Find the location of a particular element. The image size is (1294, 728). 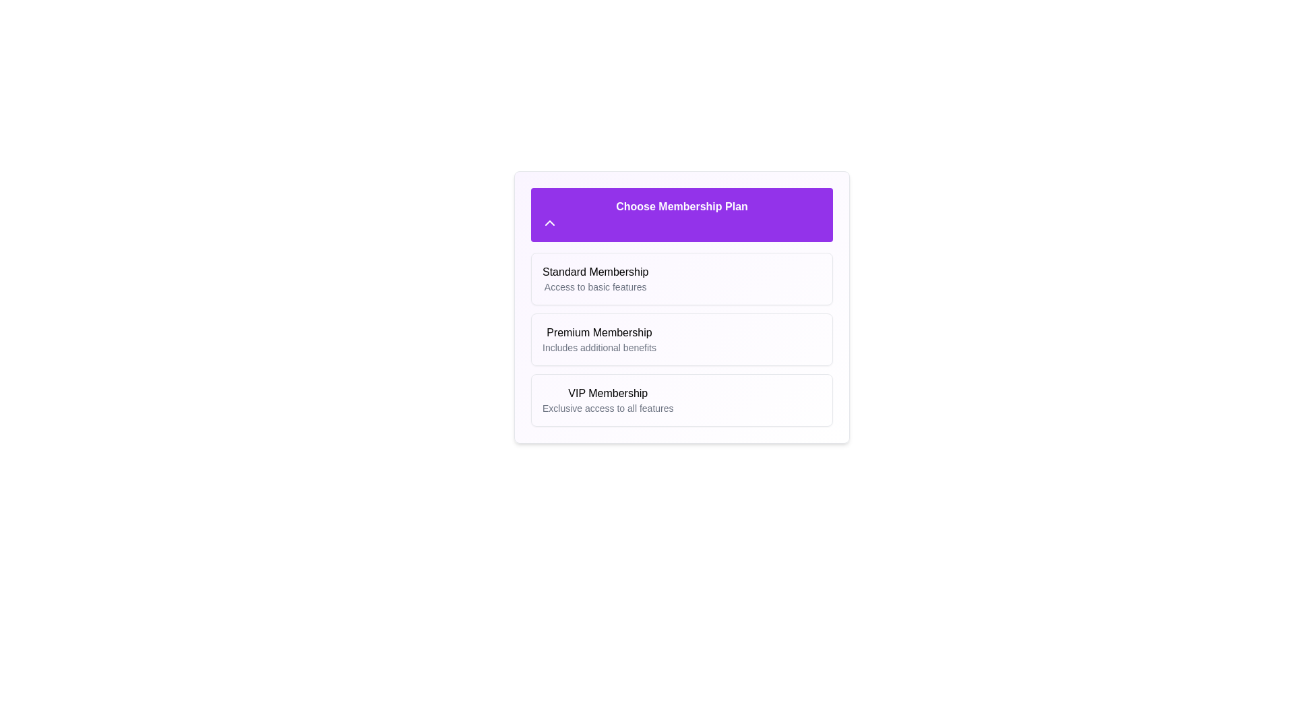

the Information Panel which displays 'Standard Membership' and 'Access to basic features' is located at coordinates (682, 278).